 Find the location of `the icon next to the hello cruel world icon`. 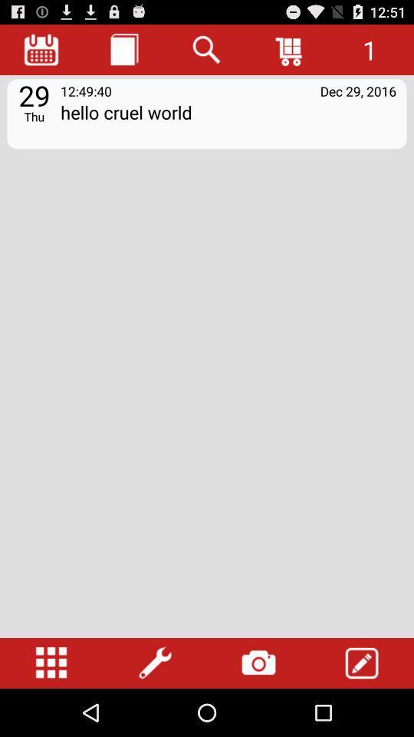

the icon next to the hello cruel world icon is located at coordinates (34, 115).